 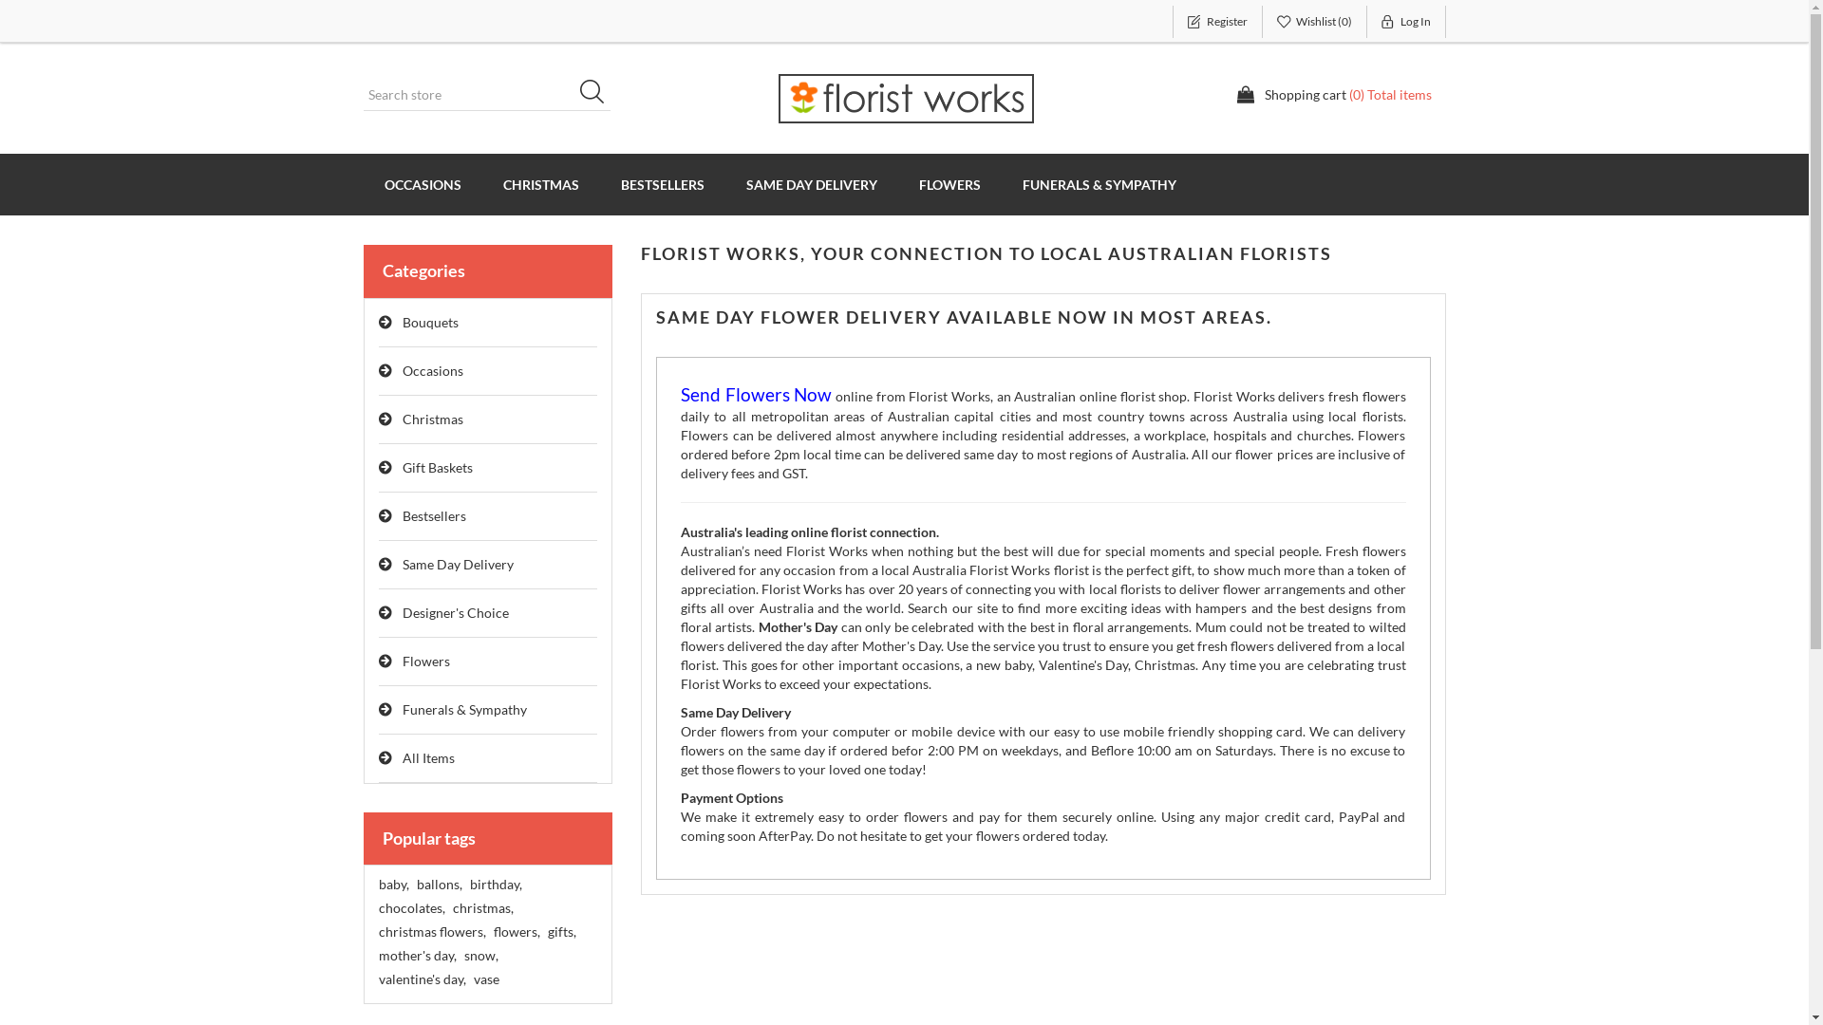 I want to click on 'CHRISTMAS', so click(x=540, y=184).